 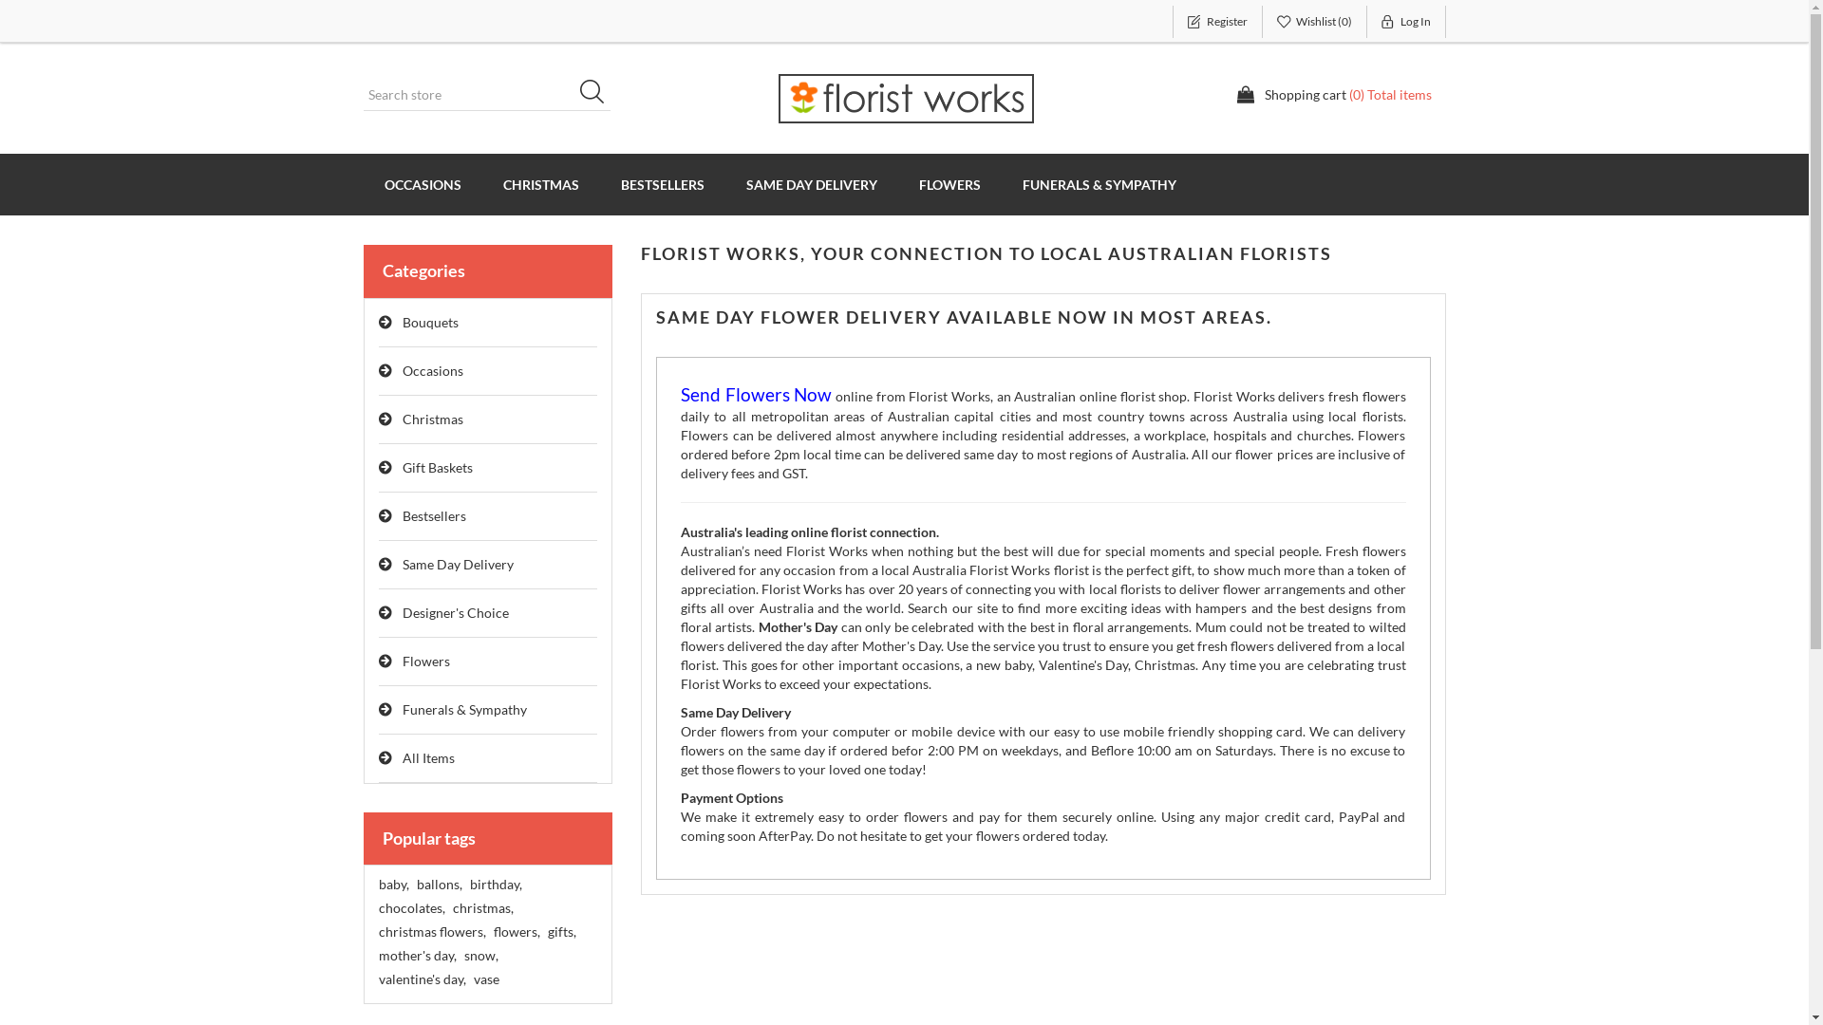 I want to click on 'CHRISTMAS', so click(x=540, y=184).